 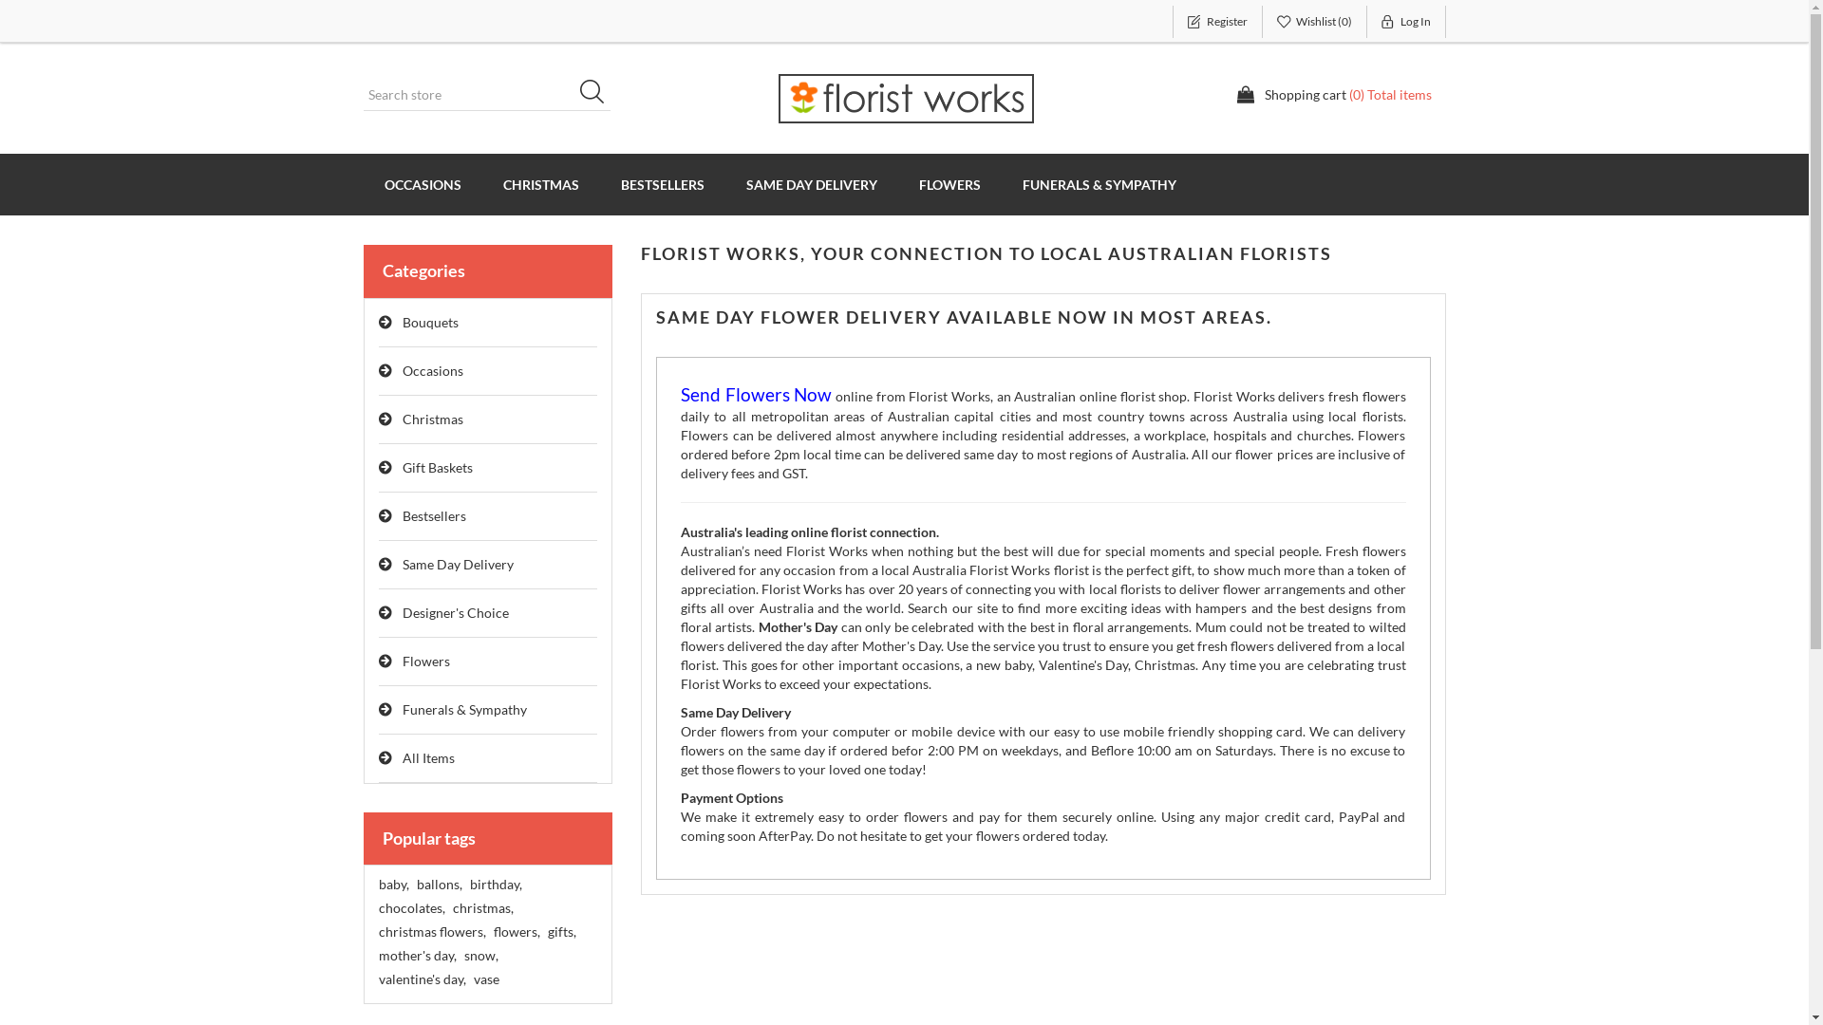 I want to click on 'CHRISTMAS', so click(x=540, y=184).